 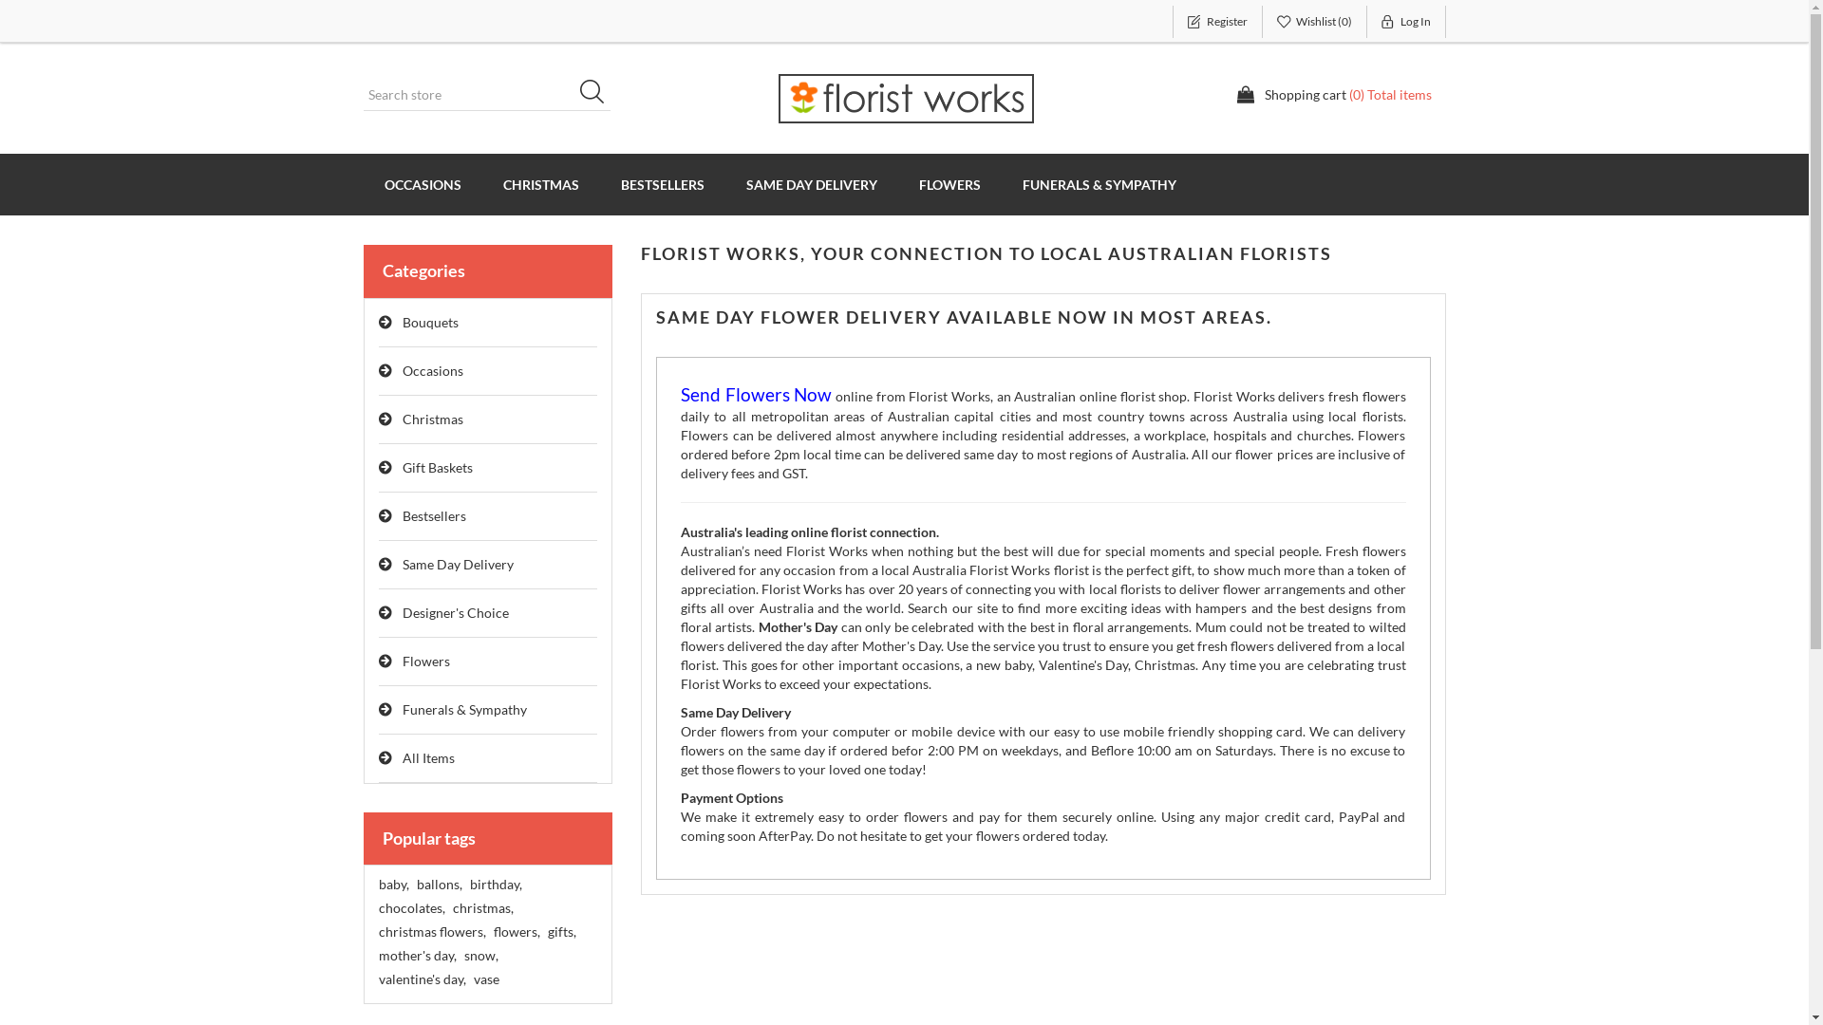 I want to click on 'CHRISTMAS', so click(x=540, y=184).